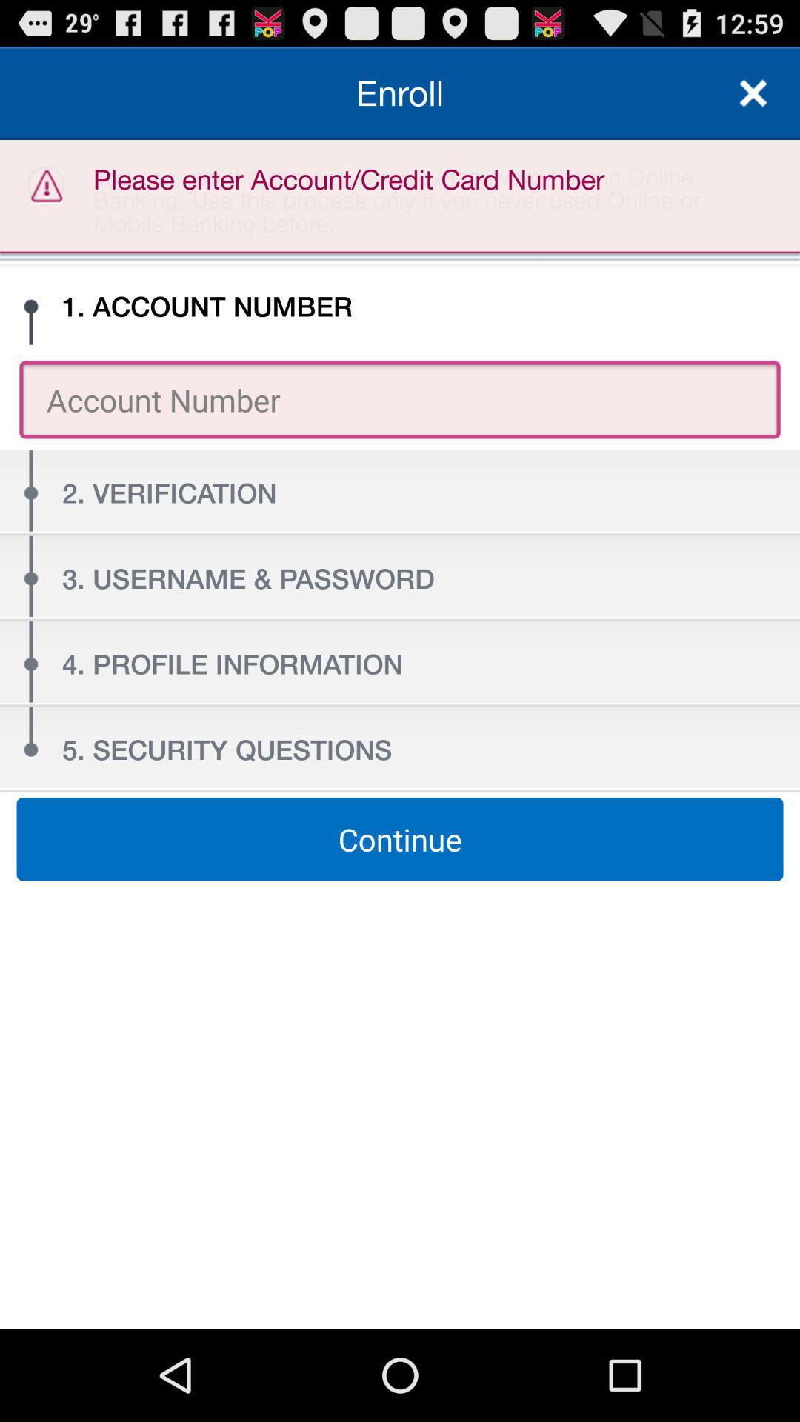  I want to click on enroll section, so click(753, 92).